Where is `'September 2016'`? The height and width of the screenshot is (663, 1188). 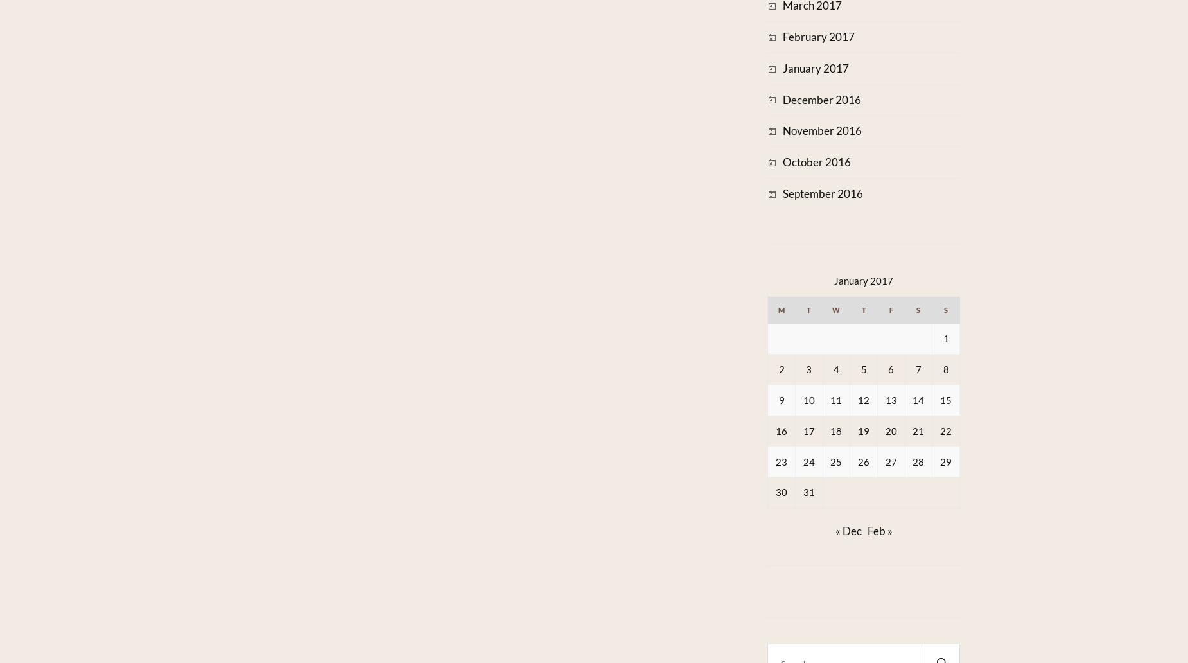
'September 2016' is located at coordinates (822, 193).